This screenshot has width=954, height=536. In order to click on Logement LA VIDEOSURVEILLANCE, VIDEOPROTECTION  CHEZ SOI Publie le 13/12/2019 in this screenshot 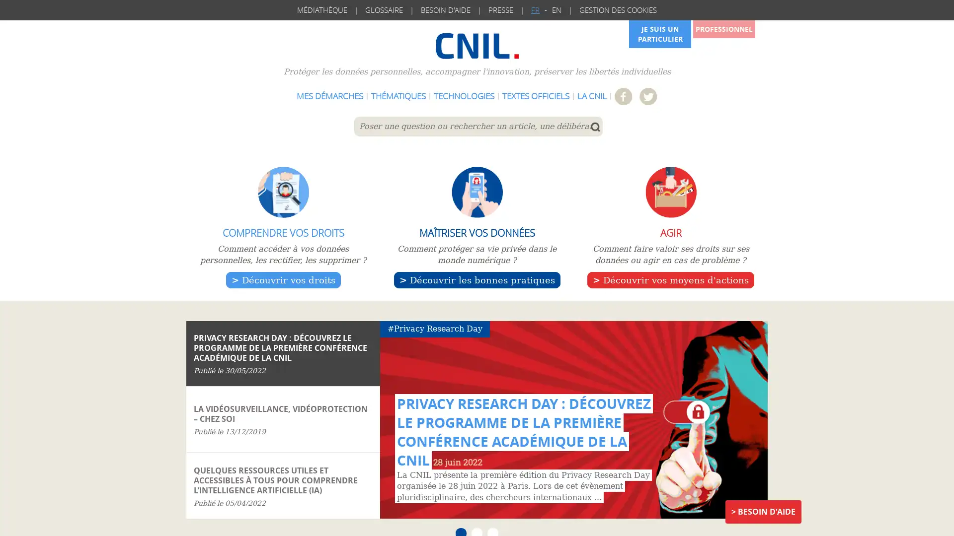, I will do `click(283, 419)`.